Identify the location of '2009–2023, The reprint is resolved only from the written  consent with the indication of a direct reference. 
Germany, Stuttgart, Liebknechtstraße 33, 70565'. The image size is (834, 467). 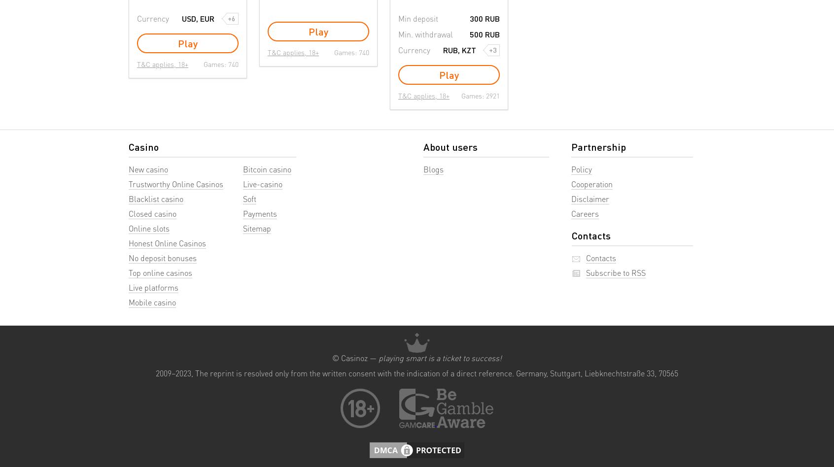
(417, 372).